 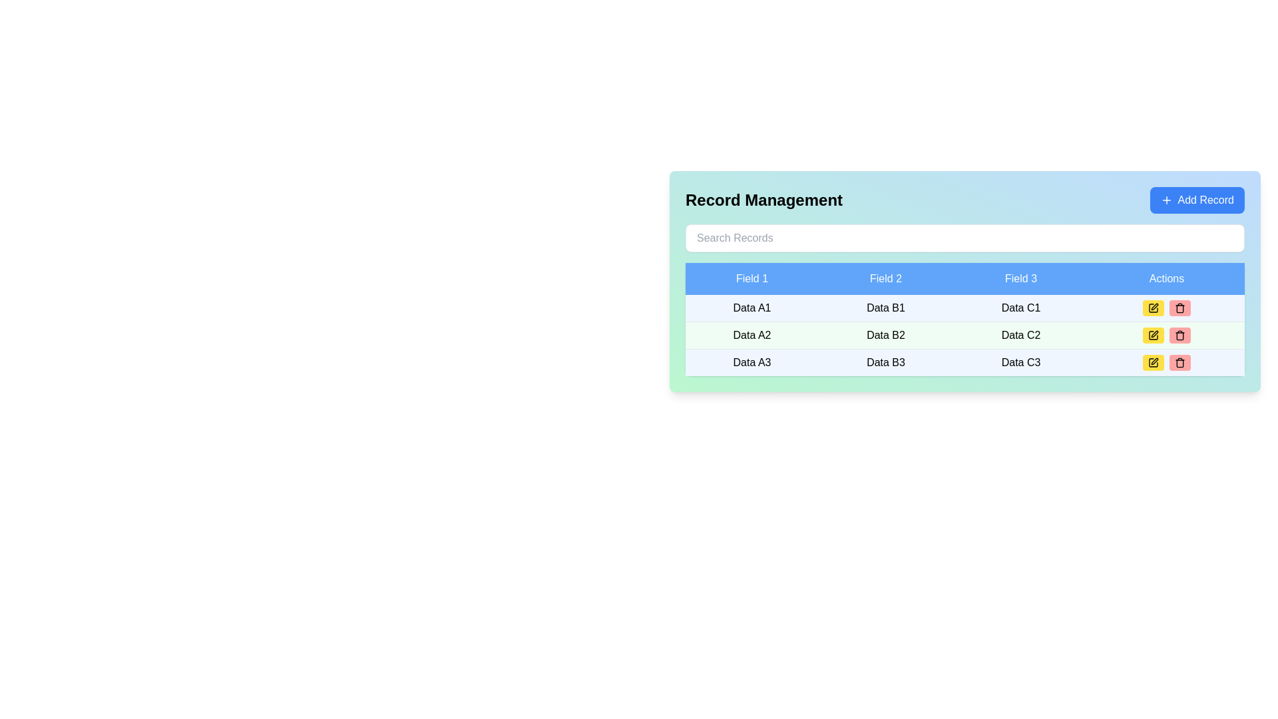 I want to click on the delete button in the second row of action items in the 'Actions' column, which contains two prominent buttons and a separator dot, aligned to the right-hand side of the interface, so click(x=1166, y=308).